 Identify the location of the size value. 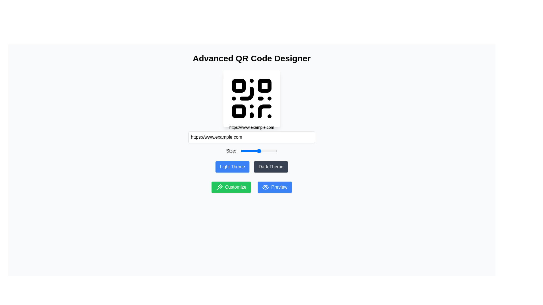
(258, 151).